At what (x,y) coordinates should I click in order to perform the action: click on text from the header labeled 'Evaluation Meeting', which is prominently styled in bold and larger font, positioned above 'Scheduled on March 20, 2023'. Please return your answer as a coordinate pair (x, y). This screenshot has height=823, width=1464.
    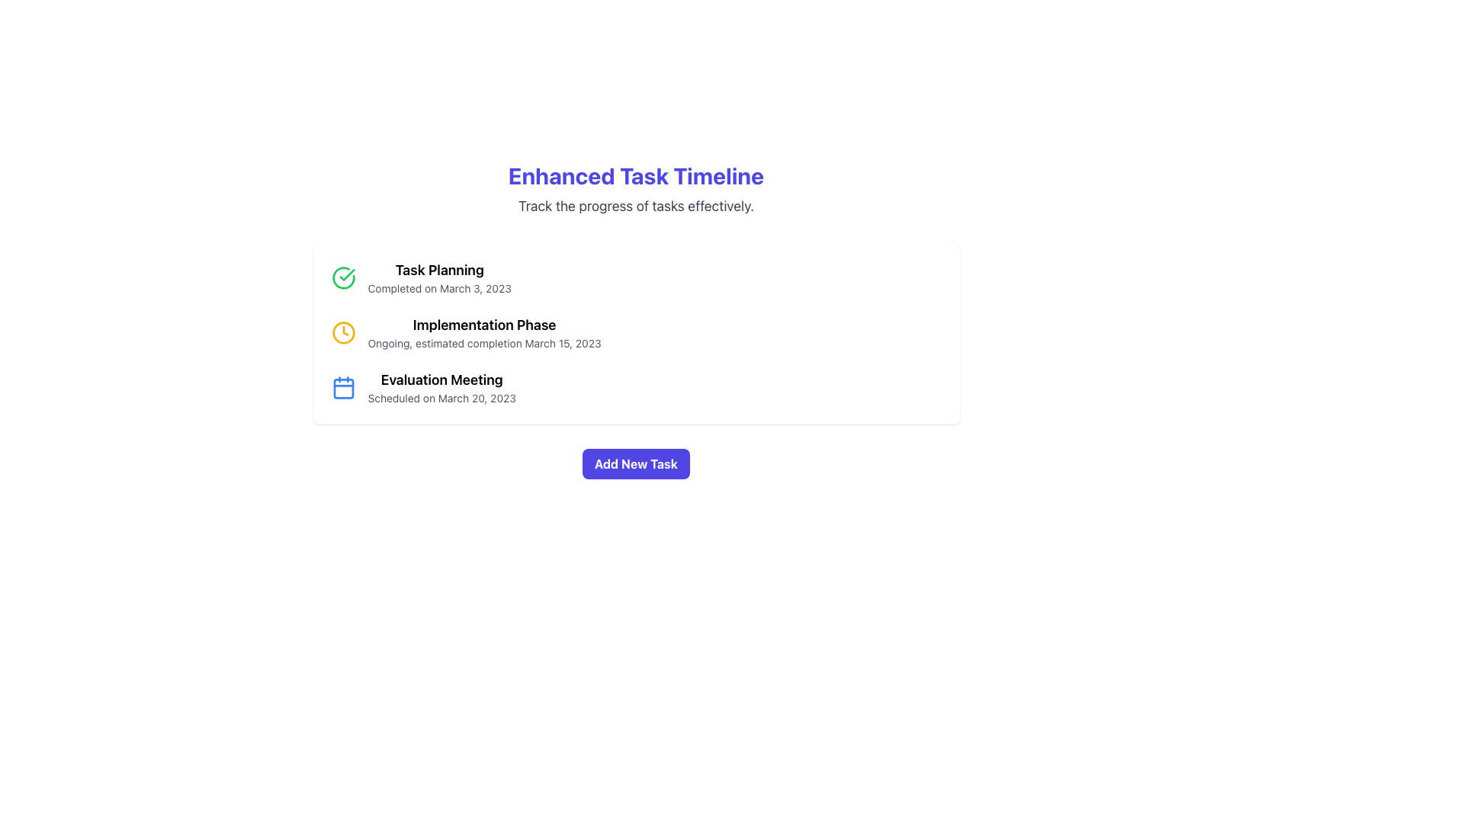
    Looking at the image, I should click on (441, 379).